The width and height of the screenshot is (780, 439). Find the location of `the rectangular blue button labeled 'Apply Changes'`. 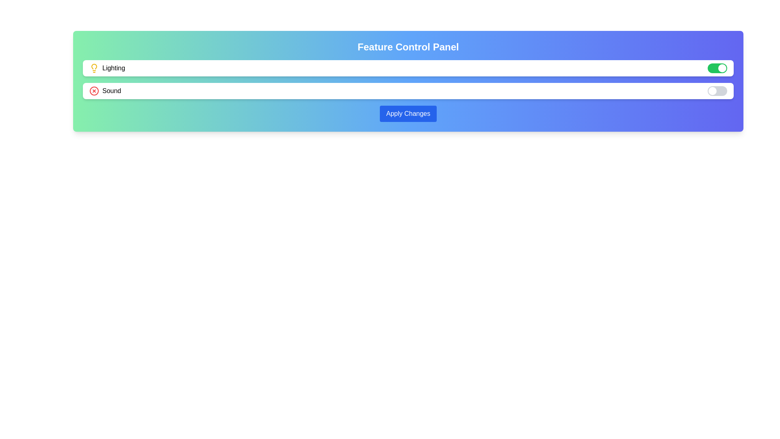

the rectangular blue button labeled 'Apply Changes' is located at coordinates (408, 114).